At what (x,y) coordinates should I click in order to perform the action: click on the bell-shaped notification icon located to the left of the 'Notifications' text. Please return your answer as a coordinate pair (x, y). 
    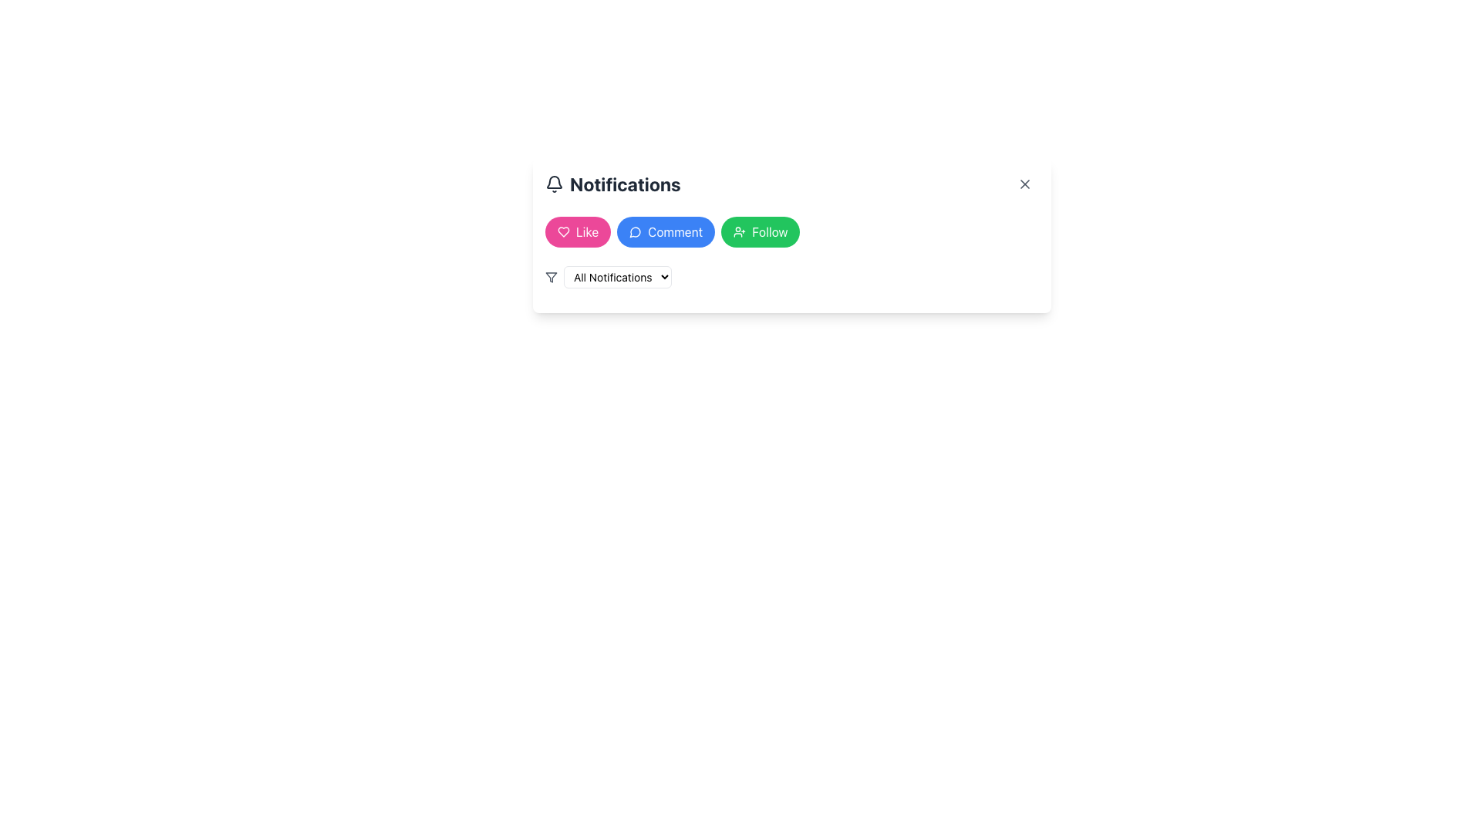
    Looking at the image, I should click on (555, 184).